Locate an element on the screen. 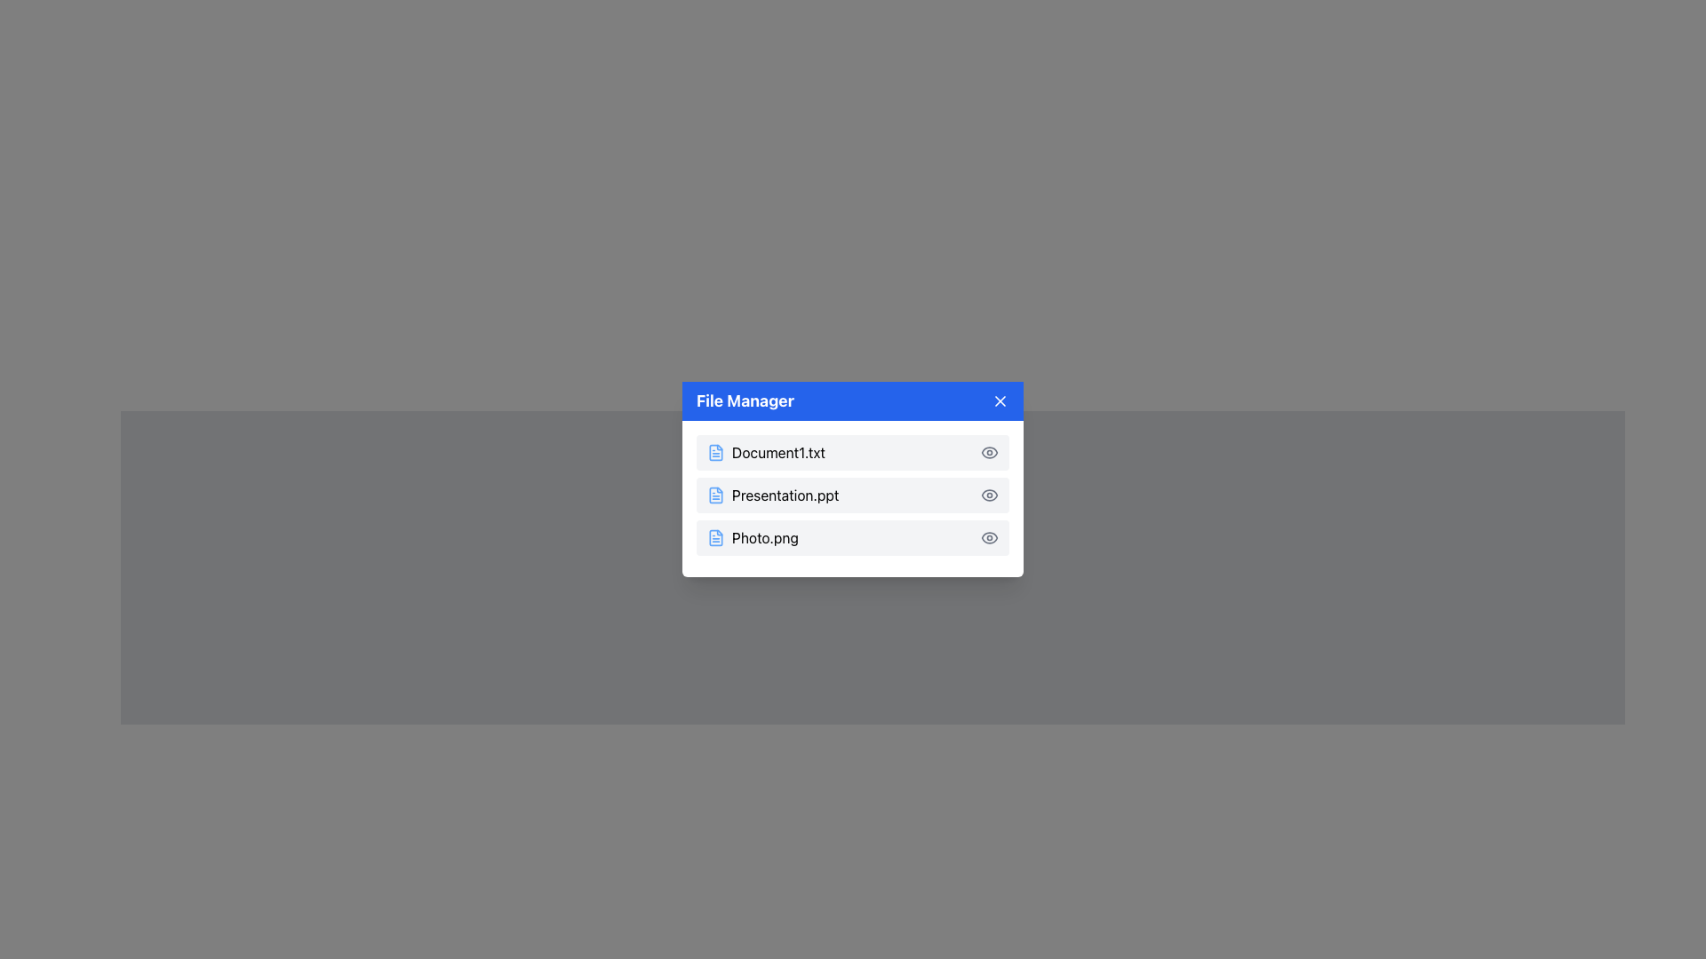 The height and width of the screenshot is (959, 1706). the eye icon at the far-right end of the row labeled 'Photo.png' is located at coordinates (988, 536).